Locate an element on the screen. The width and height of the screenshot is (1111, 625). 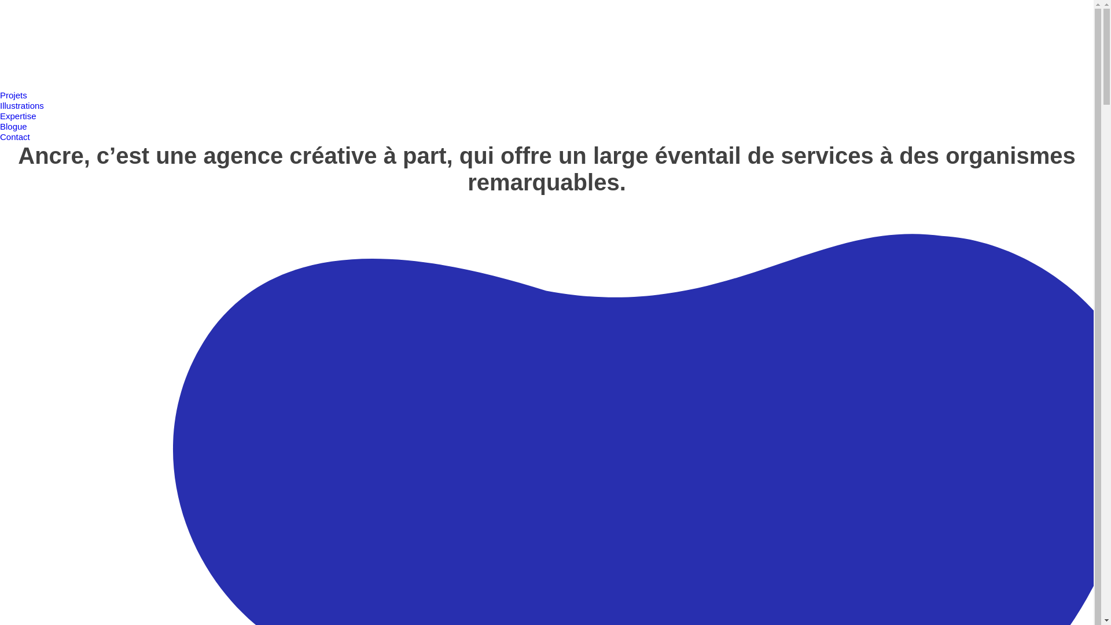
'Illustrations' is located at coordinates (22, 105).